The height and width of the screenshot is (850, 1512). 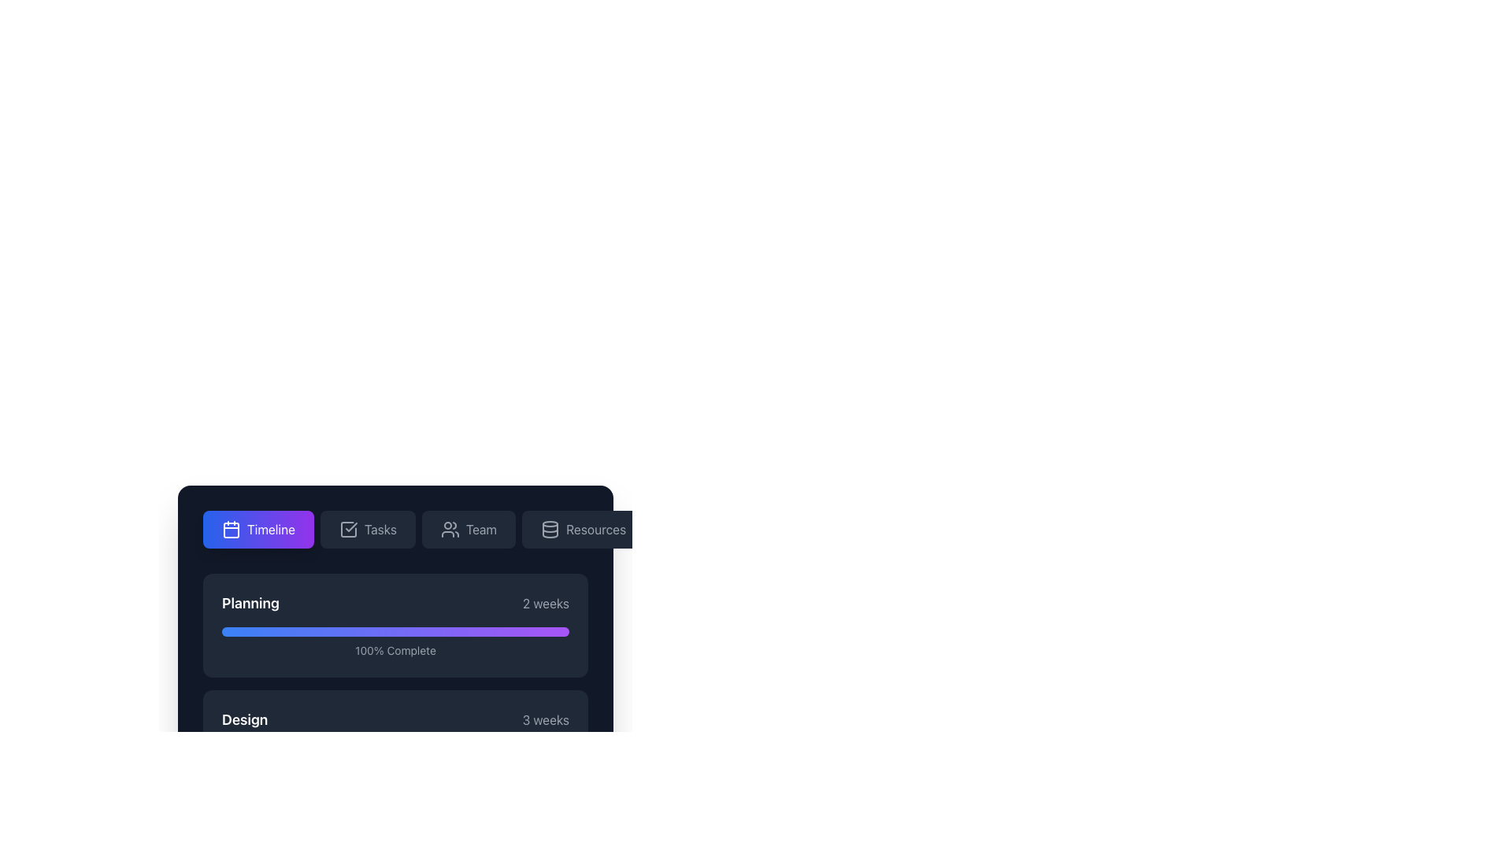 I want to click on the composite UI element displaying 'Planning' and '2 weeks', so click(x=395, y=603).